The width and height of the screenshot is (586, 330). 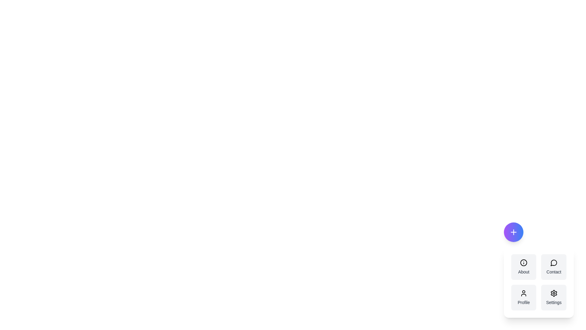 What do you see at coordinates (513, 232) in the screenshot?
I see `the speed dial button to collapse the menu` at bounding box center [513, 232].